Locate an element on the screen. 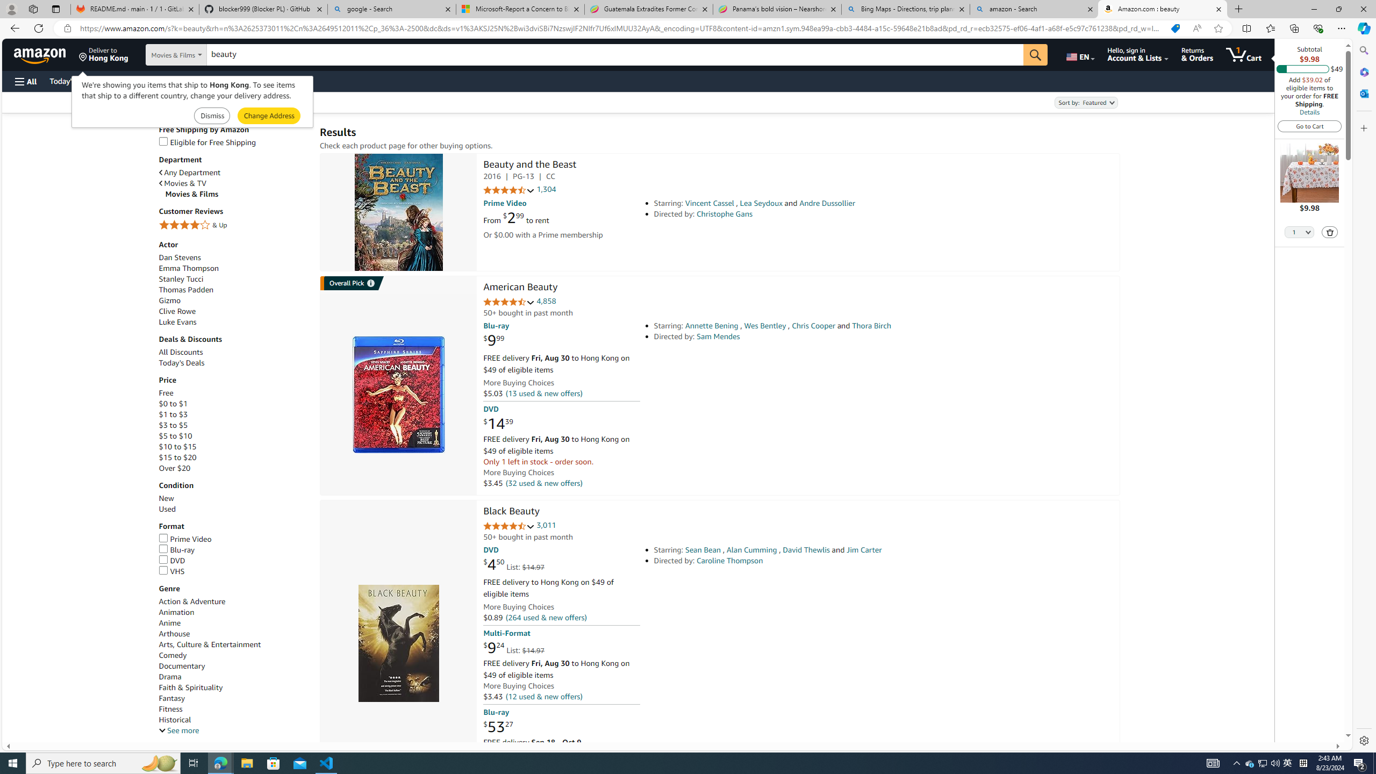  '$0 to $1' is located at coordinates (173, 403).